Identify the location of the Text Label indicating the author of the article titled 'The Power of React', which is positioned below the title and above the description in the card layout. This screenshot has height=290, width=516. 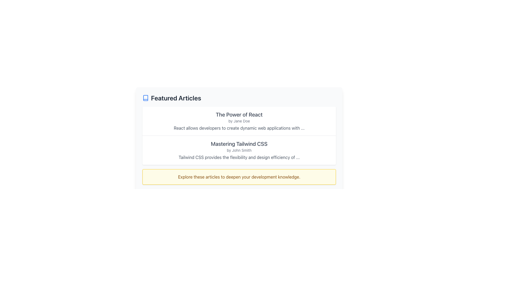
(239, 121).